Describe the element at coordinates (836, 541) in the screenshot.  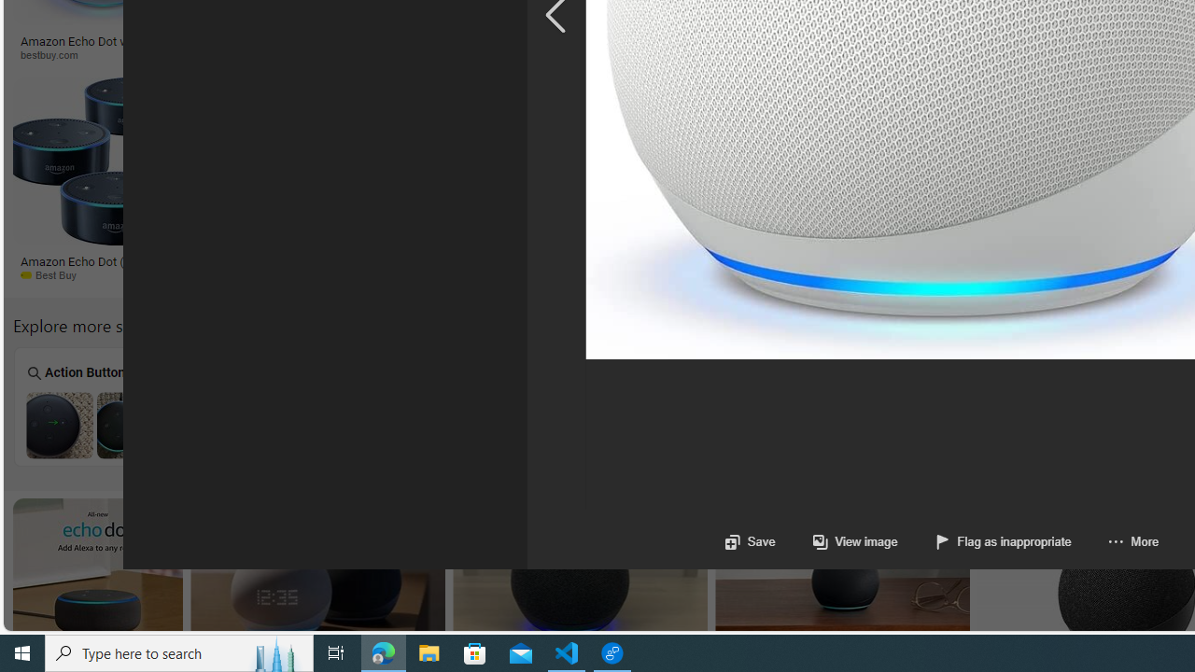
I see `'View image'` at that location.